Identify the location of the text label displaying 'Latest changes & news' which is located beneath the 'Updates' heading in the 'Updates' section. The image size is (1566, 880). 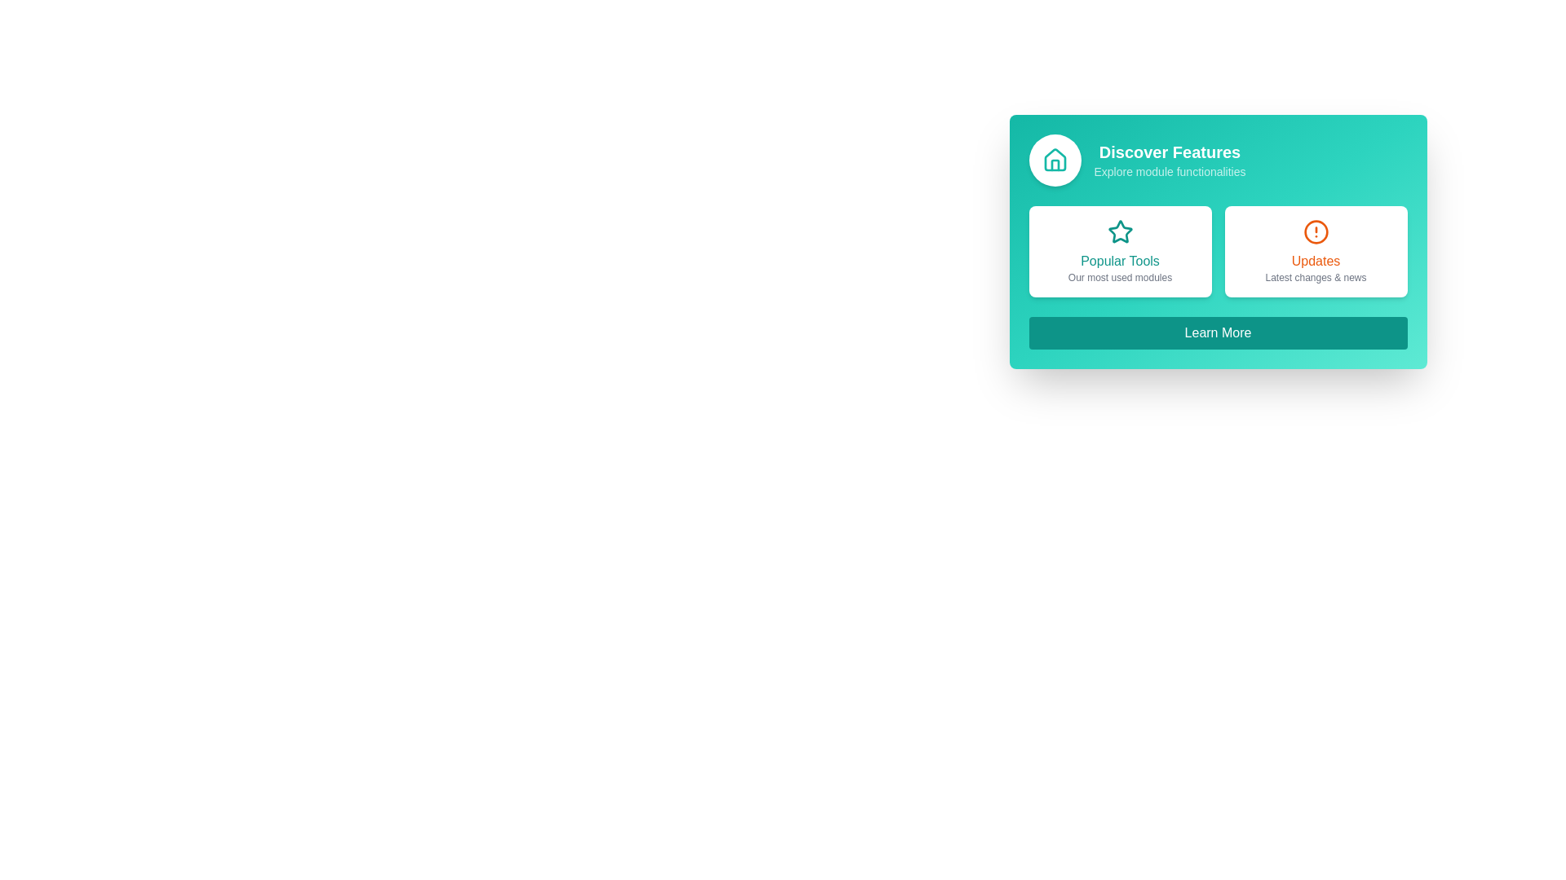
(1316, 276).